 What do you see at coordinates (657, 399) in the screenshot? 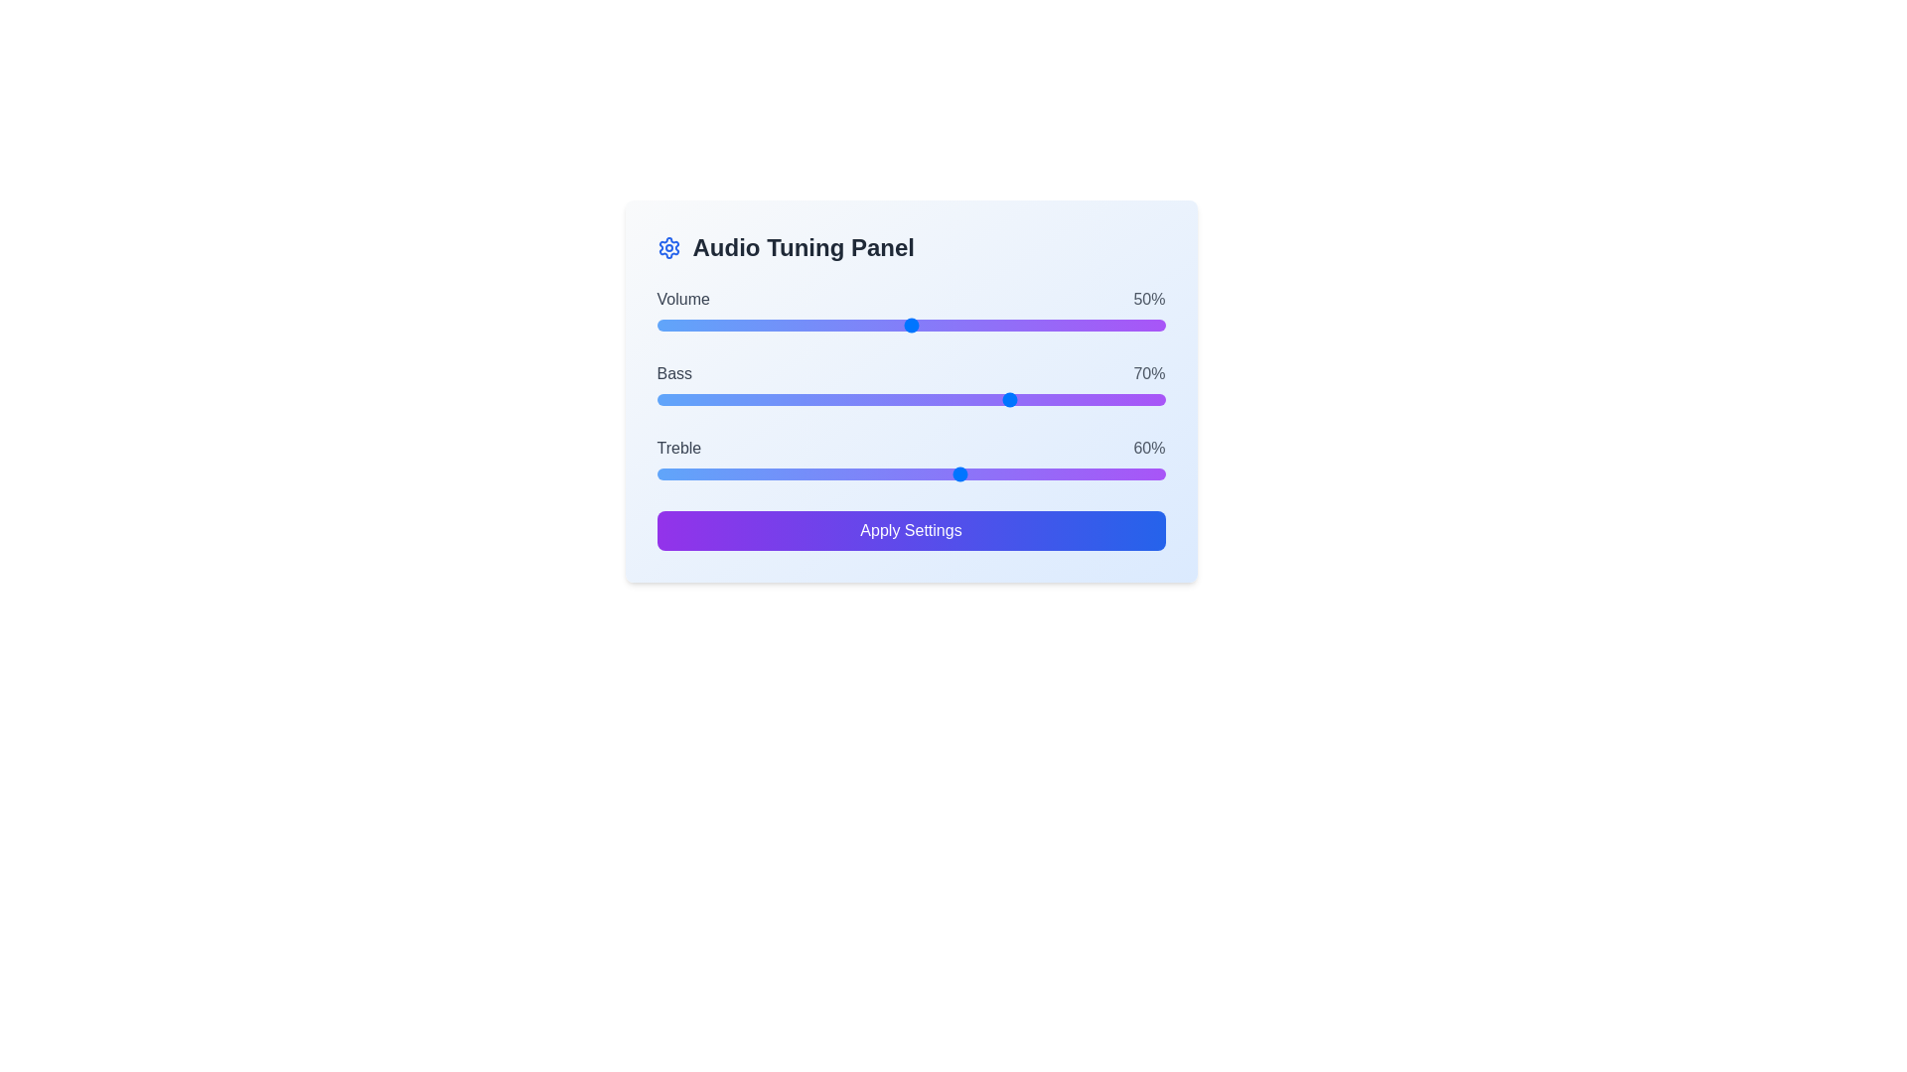
I see `the bass level` at bounding box center [657, 399].